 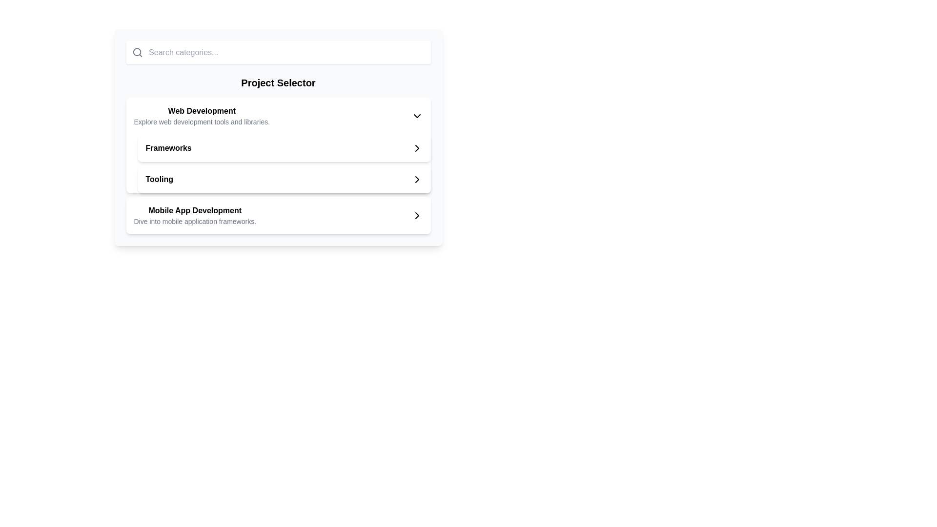 What do you see at coordinates (195, 210) in the screenshot?
I see `the bold text label reading 'Mobile App Development' which is styled to signify importance and is positioned in the card of the same name, located at the coordinates provided` at bounding box center [195, 210].